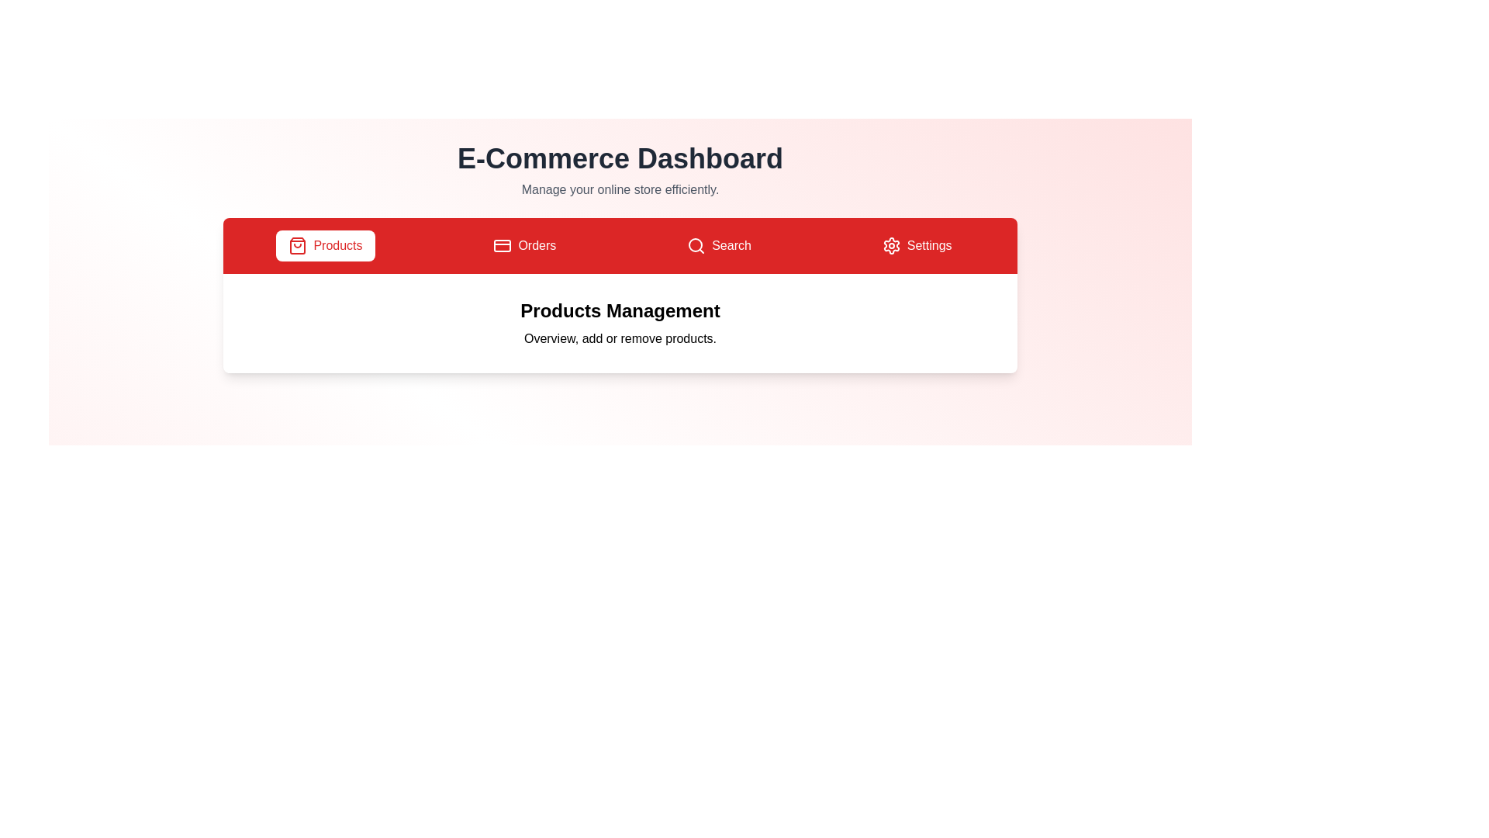  What do you see at coordinates (324, 244) in the screenshot?
I see `the 'Products' button, which has a white background with red text and a red shopping bag icon` at bounding box center [324, 244].